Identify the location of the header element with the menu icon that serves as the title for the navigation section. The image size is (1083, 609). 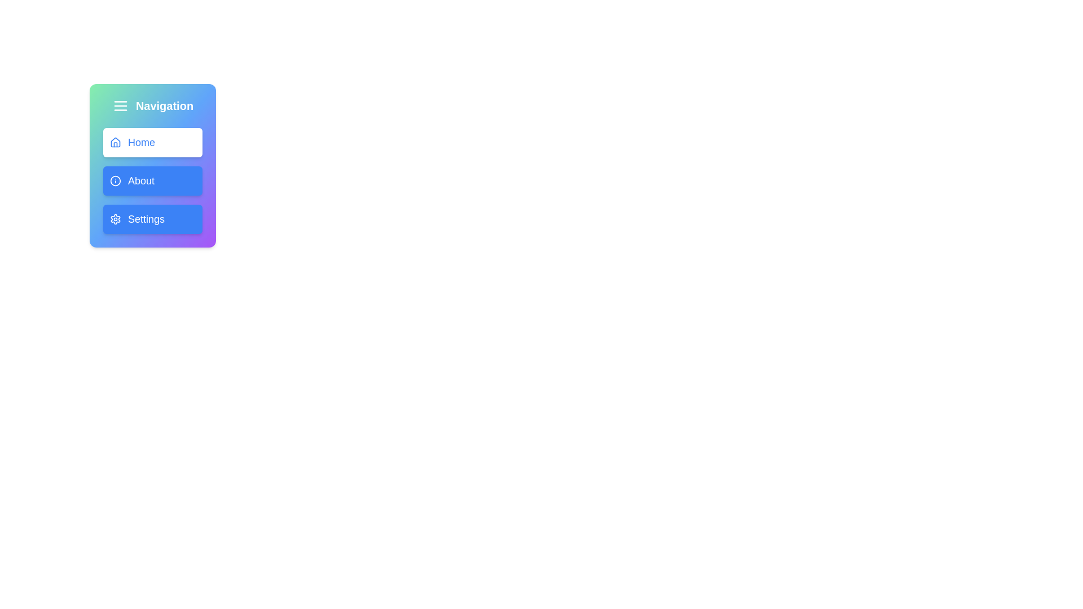
(152, 106).